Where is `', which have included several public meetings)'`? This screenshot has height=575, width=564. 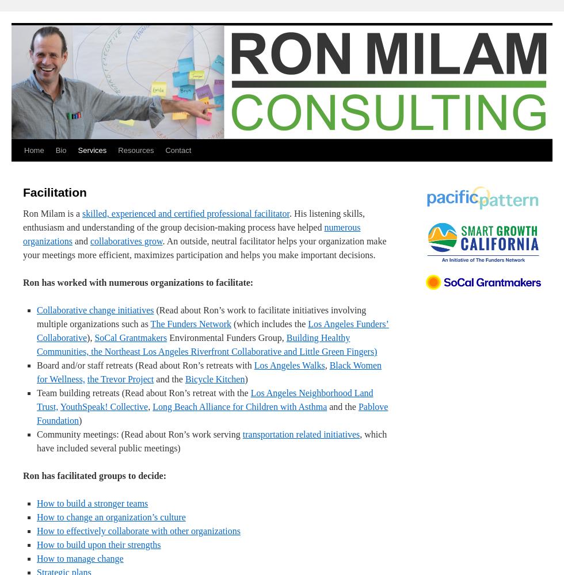
', which have included several public meetings)' is located at coordinates (211, 441).